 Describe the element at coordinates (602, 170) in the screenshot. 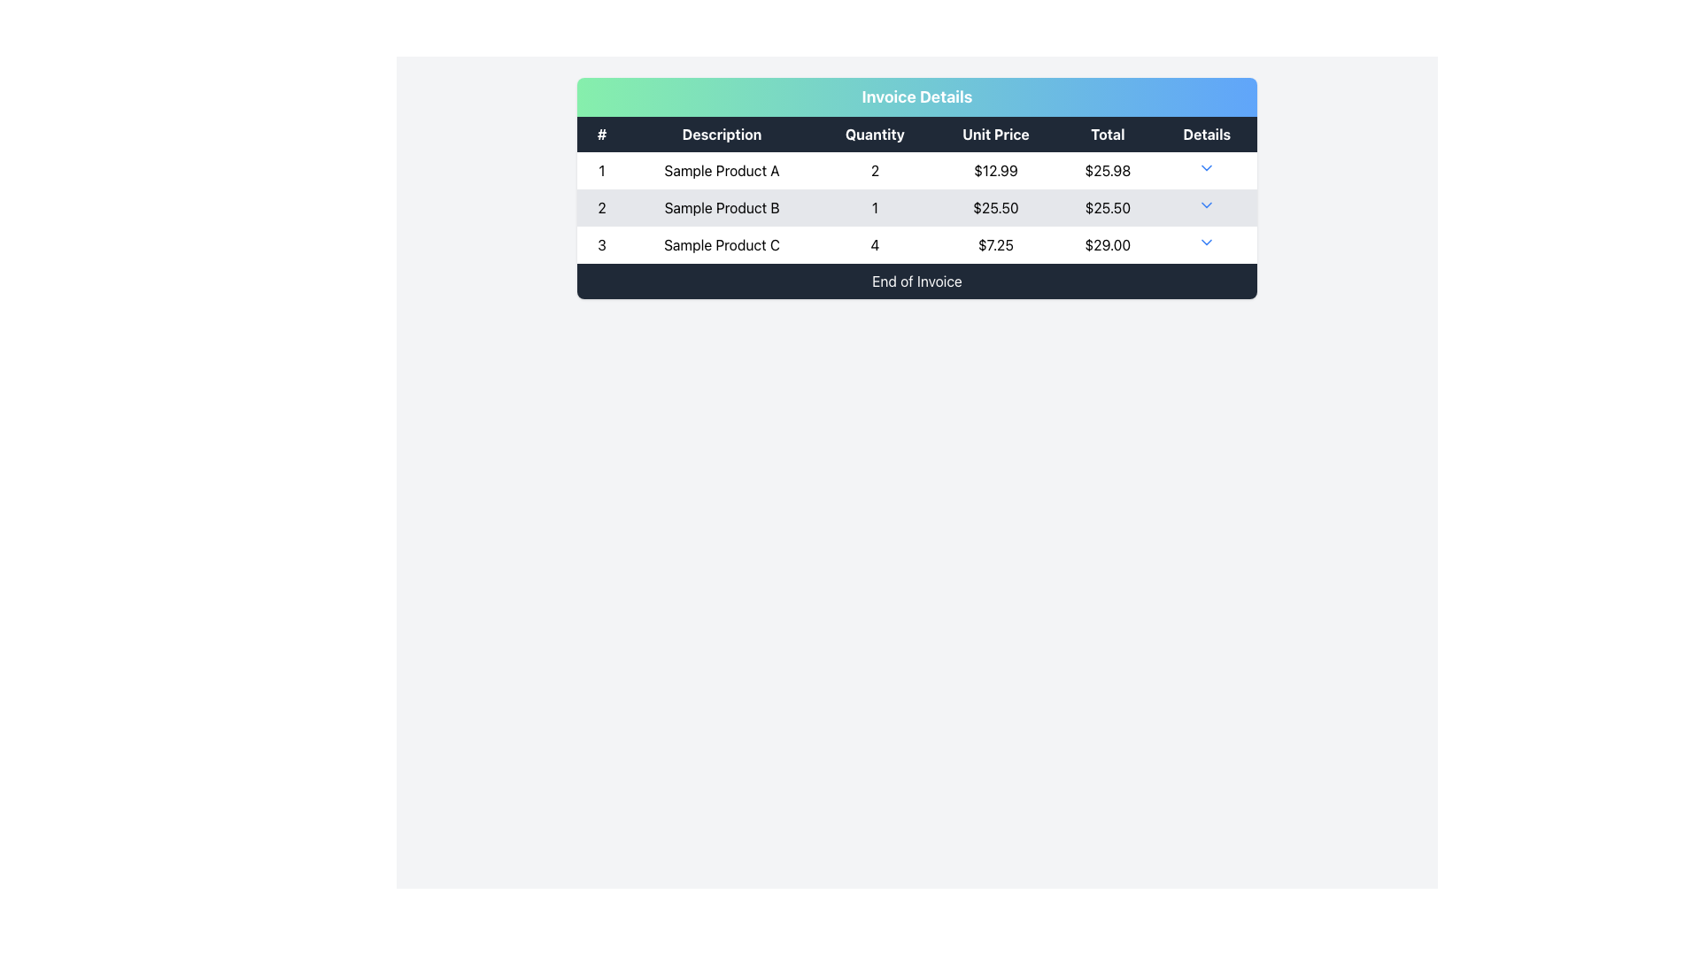

I see `text element displaying the character '1' located in the first cell under the '#' column heading in the table, adjacent to 'Sample Product A'` at that location.